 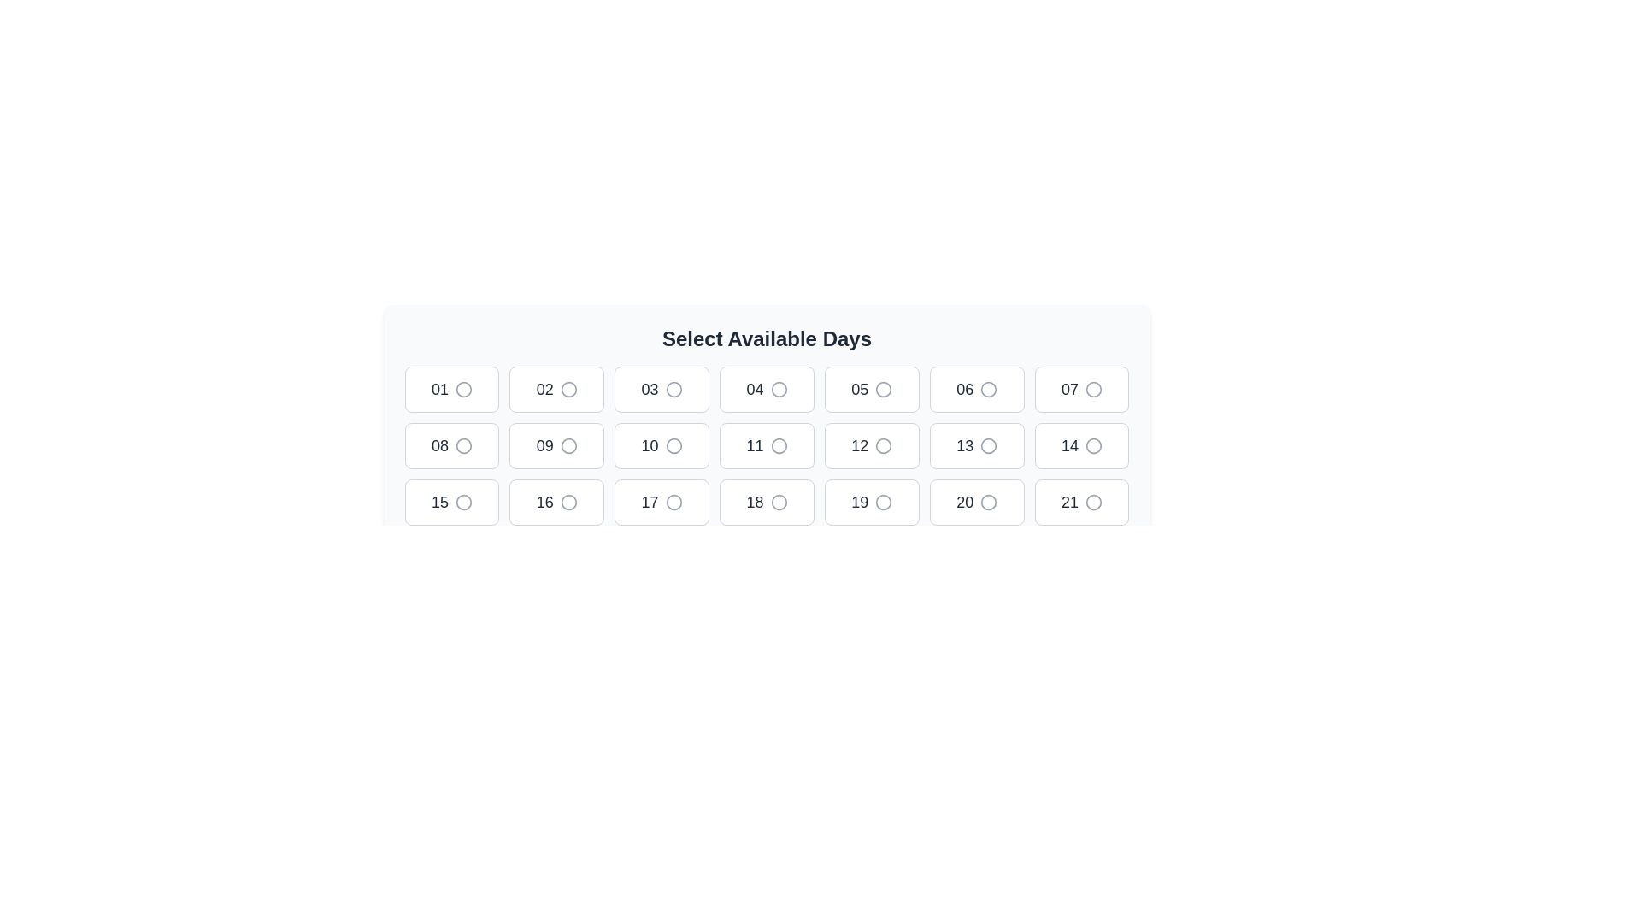 What do you see at coordinates (1081, 501) in the screenshot?
I see `the button located in the third row and seventh column of the grid layout` at bounding box center [1081, 501].